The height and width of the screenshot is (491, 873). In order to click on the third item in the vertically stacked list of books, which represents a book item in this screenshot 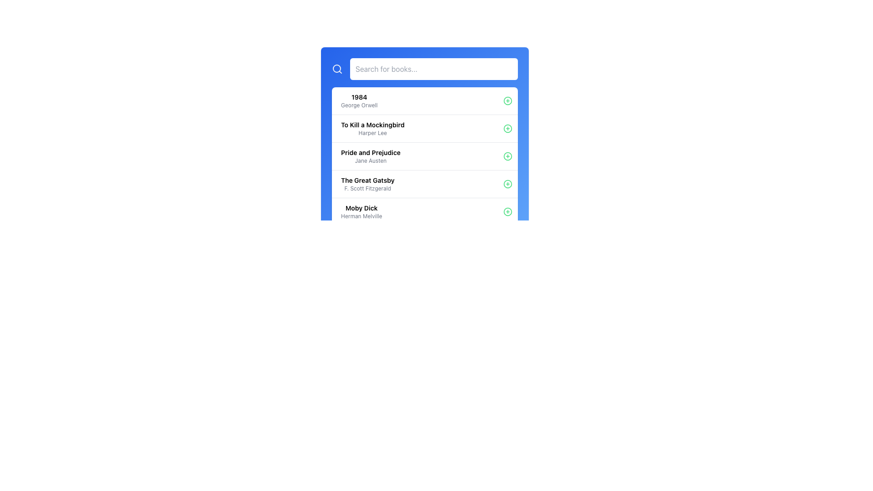, I will do `click(367, 184)`.